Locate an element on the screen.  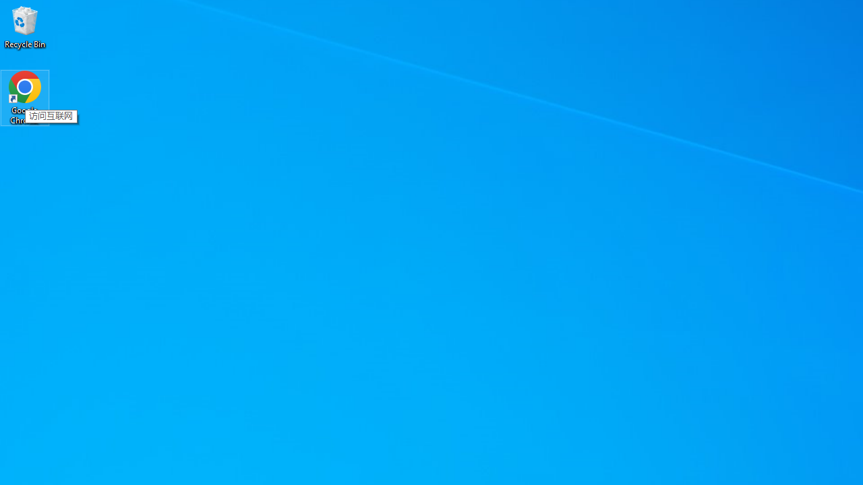
'Recycle Bin' is located at coordinates (25, 26).